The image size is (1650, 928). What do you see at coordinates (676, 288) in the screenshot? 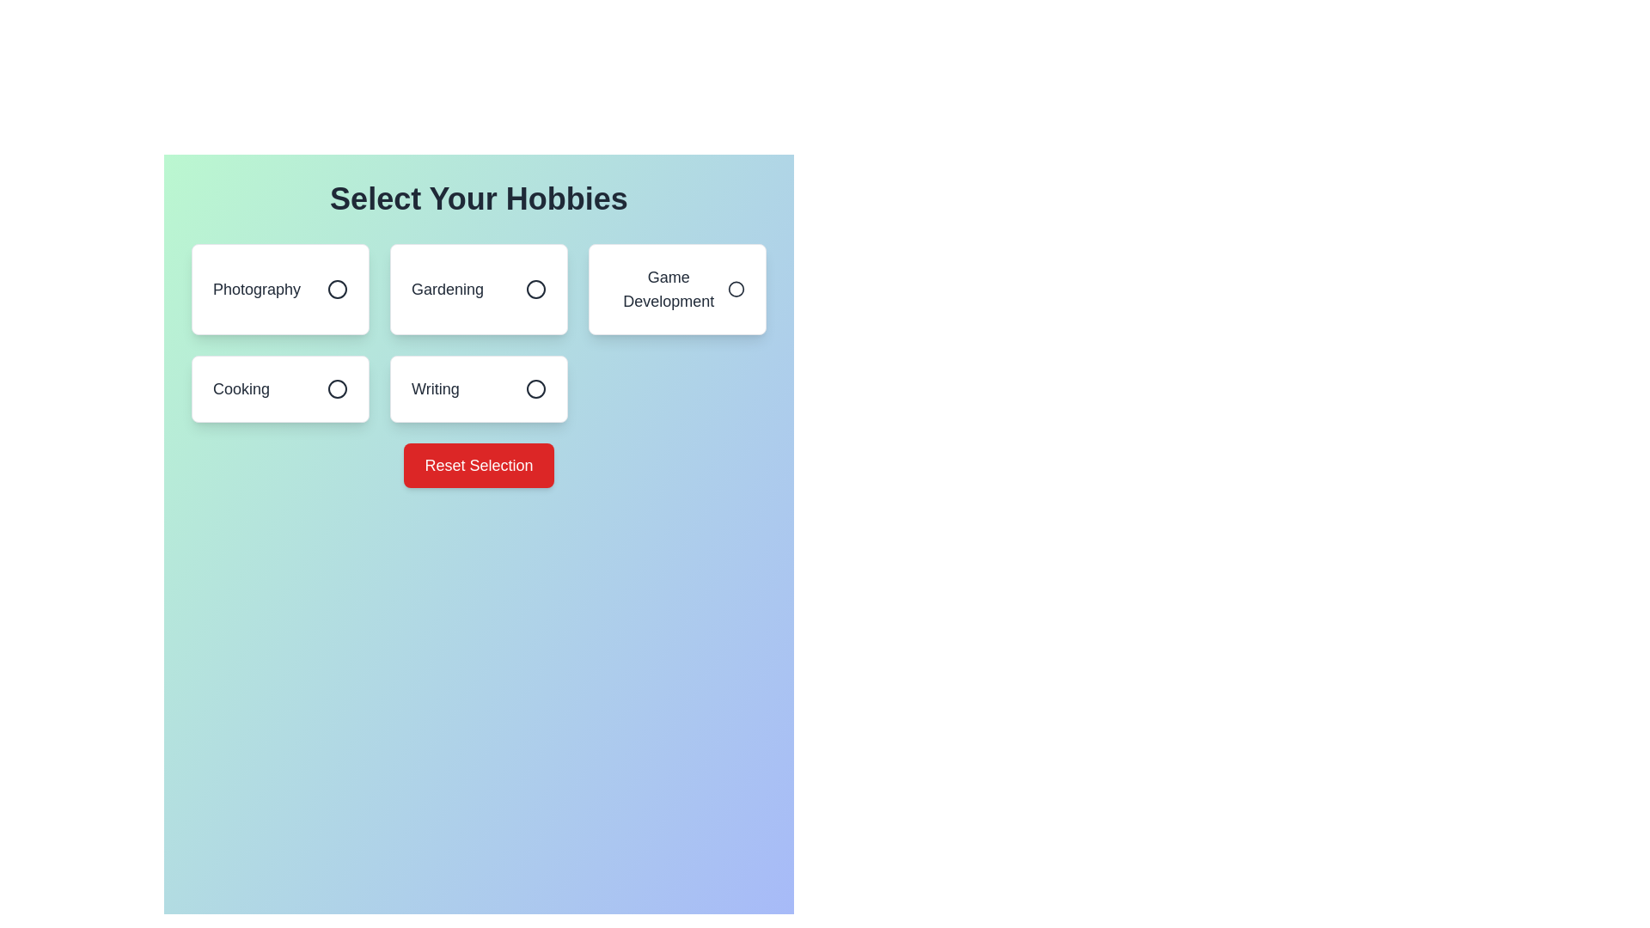
I see `the hobby item Game Development` at bounding box center [676, 288].